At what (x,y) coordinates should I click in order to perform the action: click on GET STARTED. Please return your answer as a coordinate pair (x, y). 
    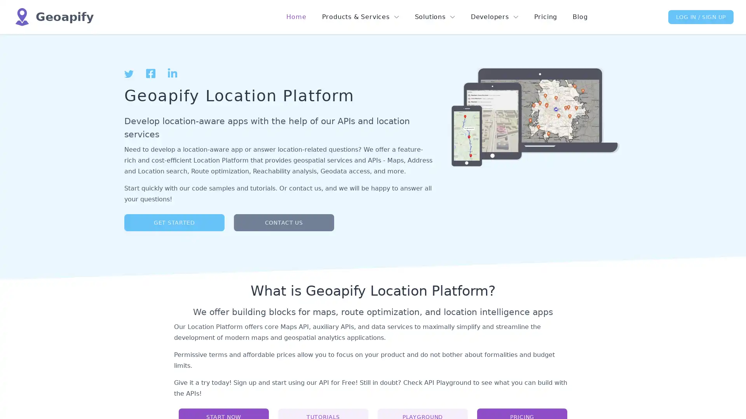
    Looking at the image, I should click on (174, 222).